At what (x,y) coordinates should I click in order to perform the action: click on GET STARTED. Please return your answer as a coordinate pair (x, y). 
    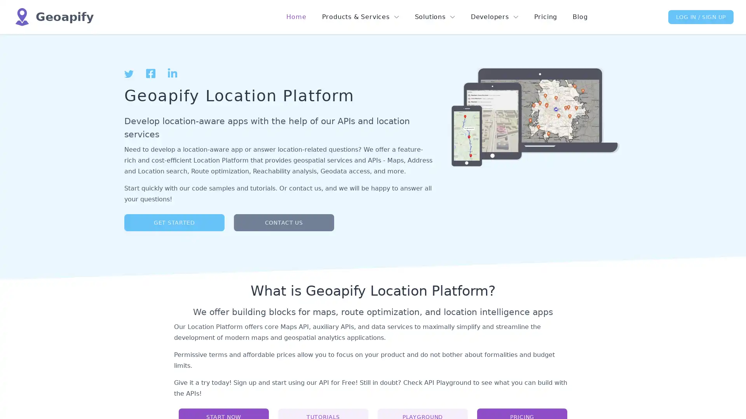
    Looking at the image, I should click on (174, 222).